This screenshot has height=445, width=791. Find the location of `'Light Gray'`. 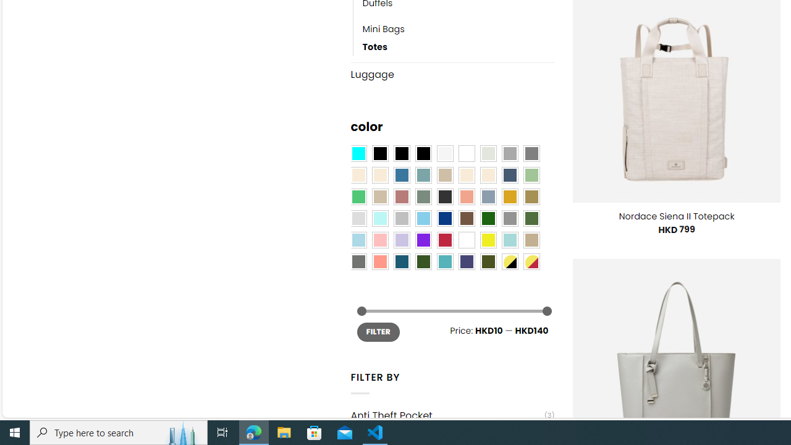

'Light Gray' is located at coordinates (357, 218).